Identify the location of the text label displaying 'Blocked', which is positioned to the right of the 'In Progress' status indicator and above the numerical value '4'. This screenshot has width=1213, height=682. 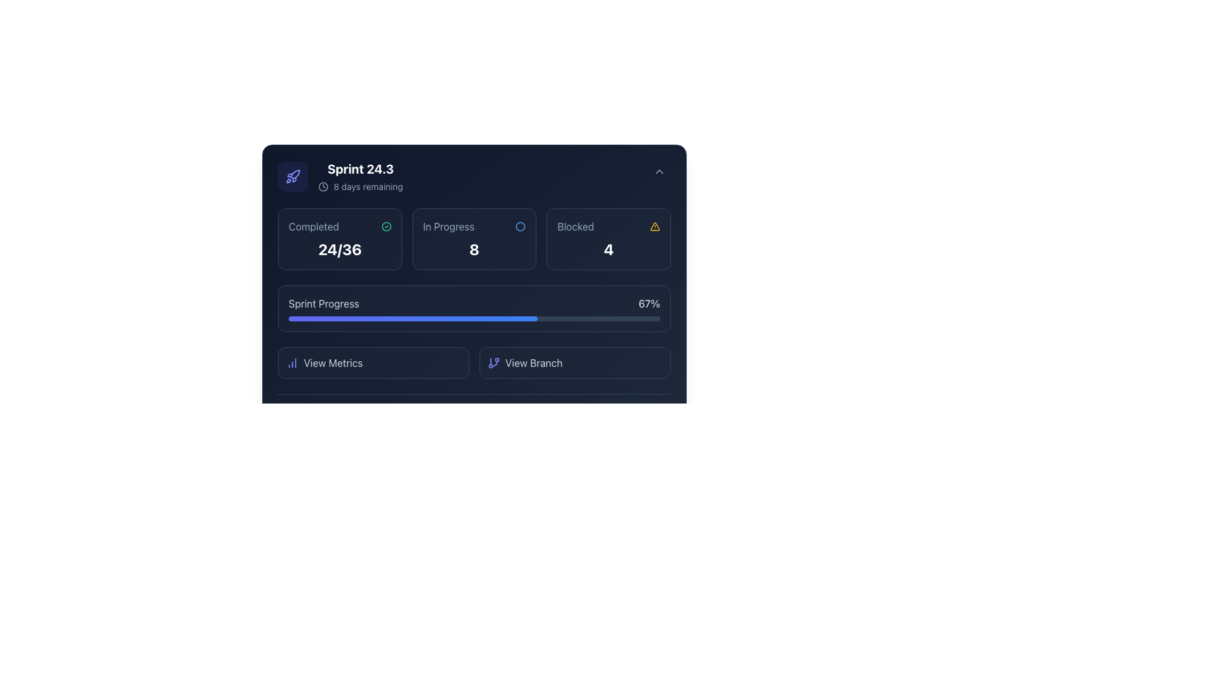
(575, 225).